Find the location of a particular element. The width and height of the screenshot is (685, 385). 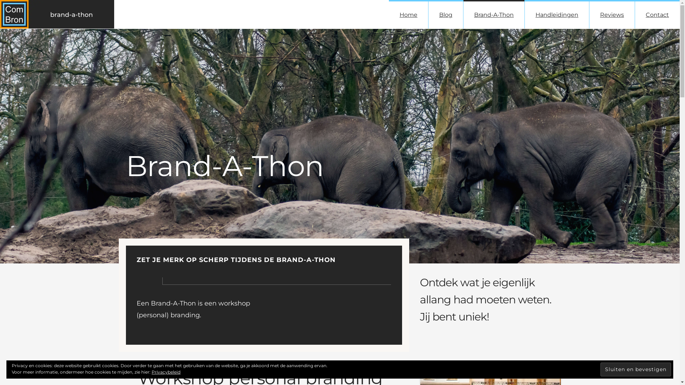

'Blog' is located at coordinates (445, 14).